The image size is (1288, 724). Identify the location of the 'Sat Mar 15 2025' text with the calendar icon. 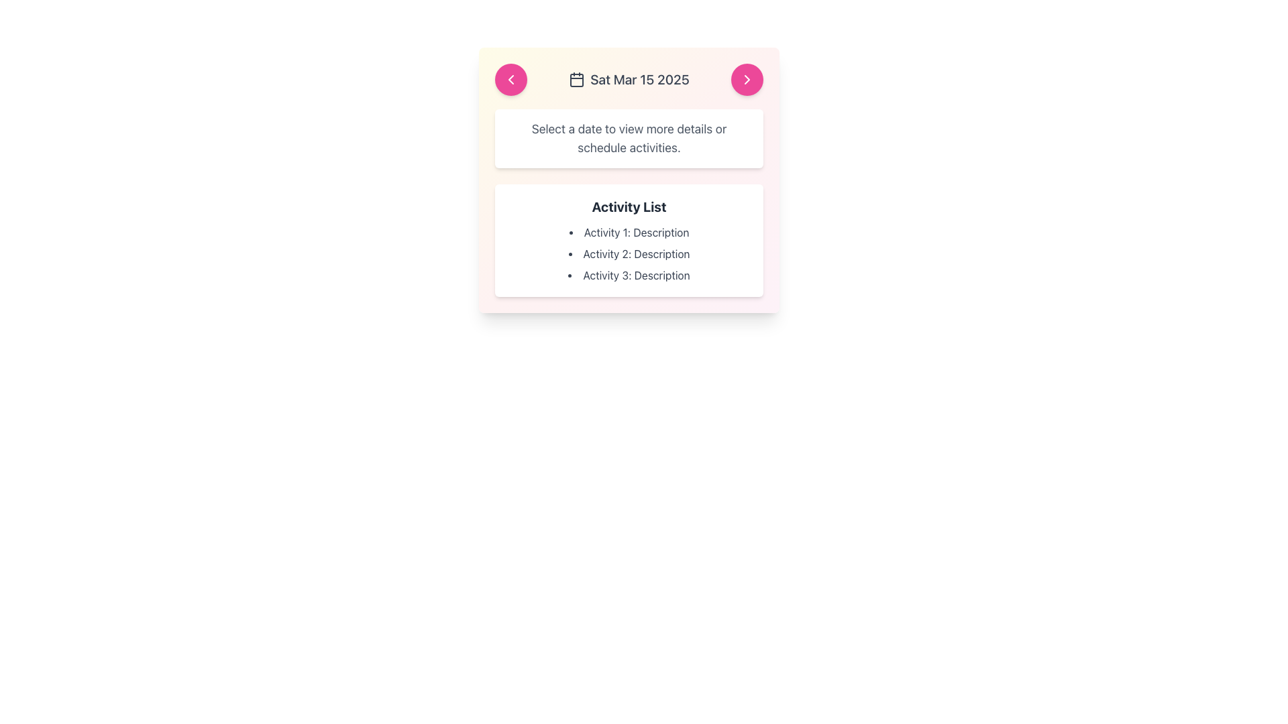
(628, 80).